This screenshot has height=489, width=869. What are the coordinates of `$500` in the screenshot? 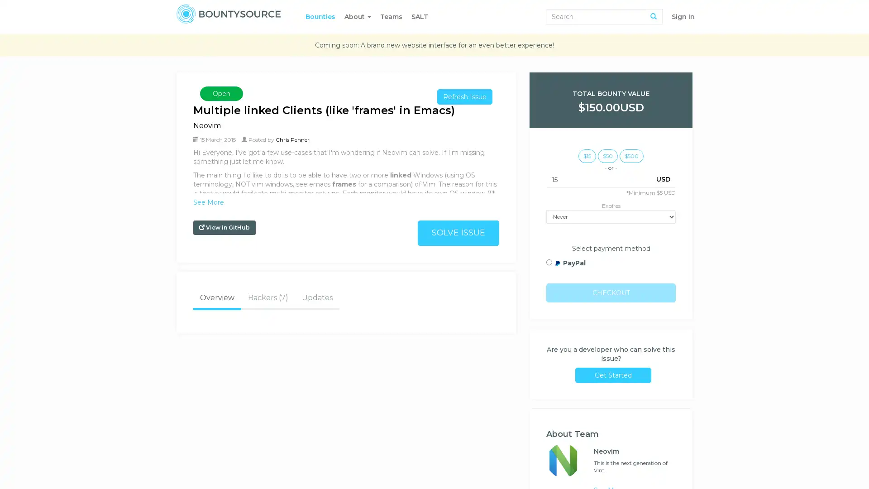 It's located at (631, 155).